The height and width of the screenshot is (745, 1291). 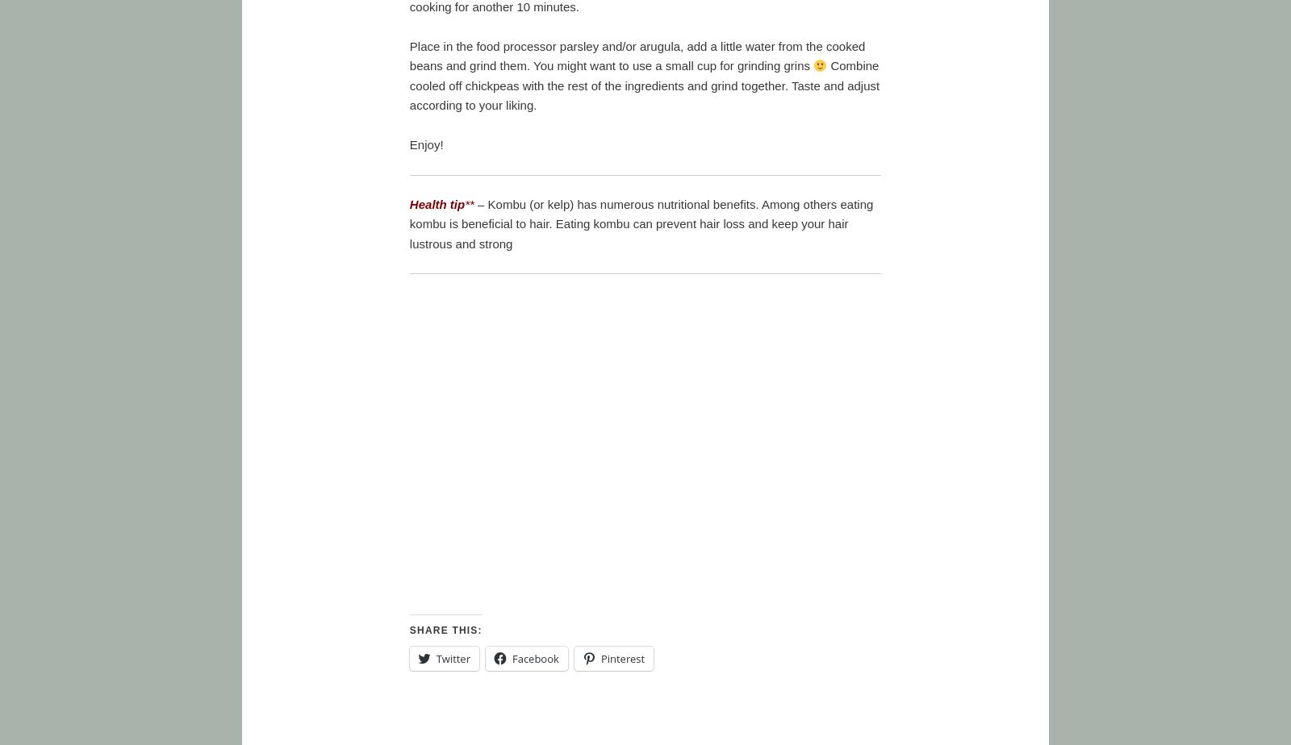 What do you see at coordinates (641, 223) in the screenshot?
I see `'– Kombu (or kelp) has numerous nutritional benefits. Among others eating kombu is beneficial to hair. Eating kombu can prevent hair loss and keep your hair lustrous and strong'` at bounding box center [641, 223].